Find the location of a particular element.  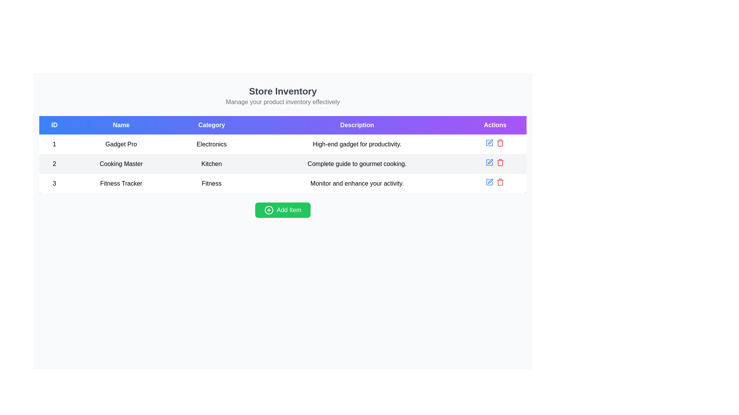

the editing action icon located in the 'Actions' column of the third row in the table, which allows the user to modify the corresponding row's details is located at coordinates (490, 181).